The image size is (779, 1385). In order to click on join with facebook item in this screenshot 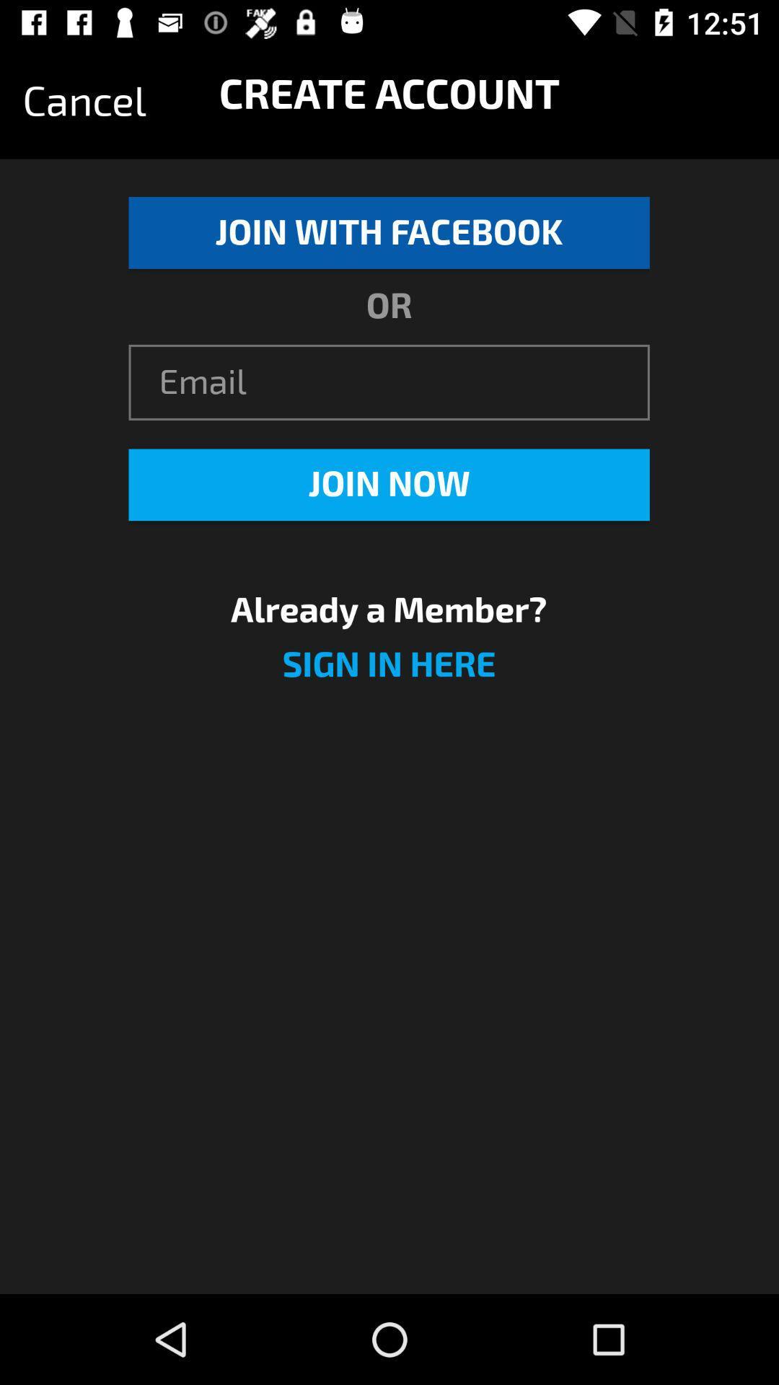, I will do `click(388, 232)`.